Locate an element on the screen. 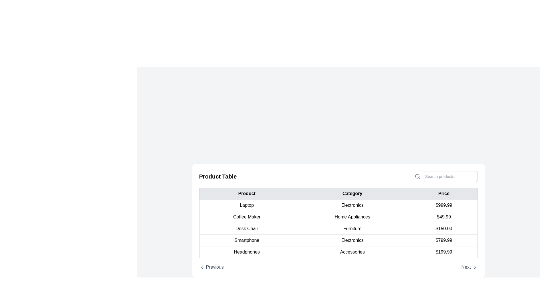 The image size is (548, 308). the text input field with placeholder 'Search products...' located to the right of the search icon is located at coordinates (450, 176).